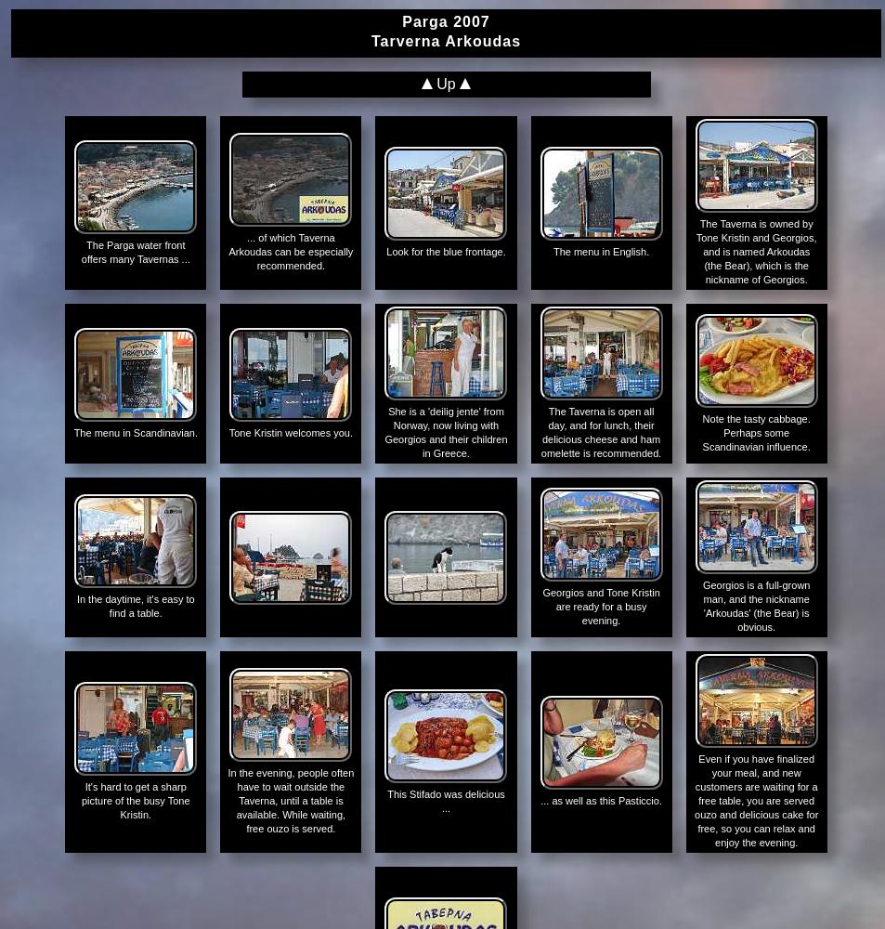 This screenshot has width=885, height=929. What do you see at coordinates (600, 431) in the screenshot?
I see `'The Taverna is open all day, and for lunch, their delicious cheese and ham omelette is recommended.'` at bounding box center [600, 431].